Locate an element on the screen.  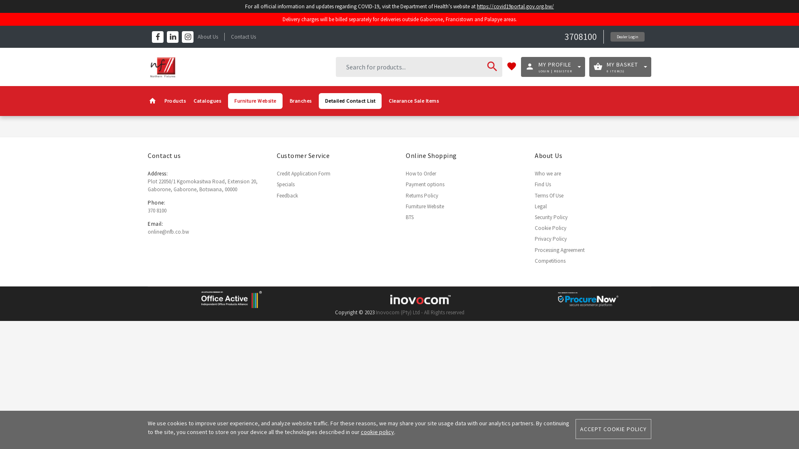
'Processing Agreement' is located at coordinates (559, 249).